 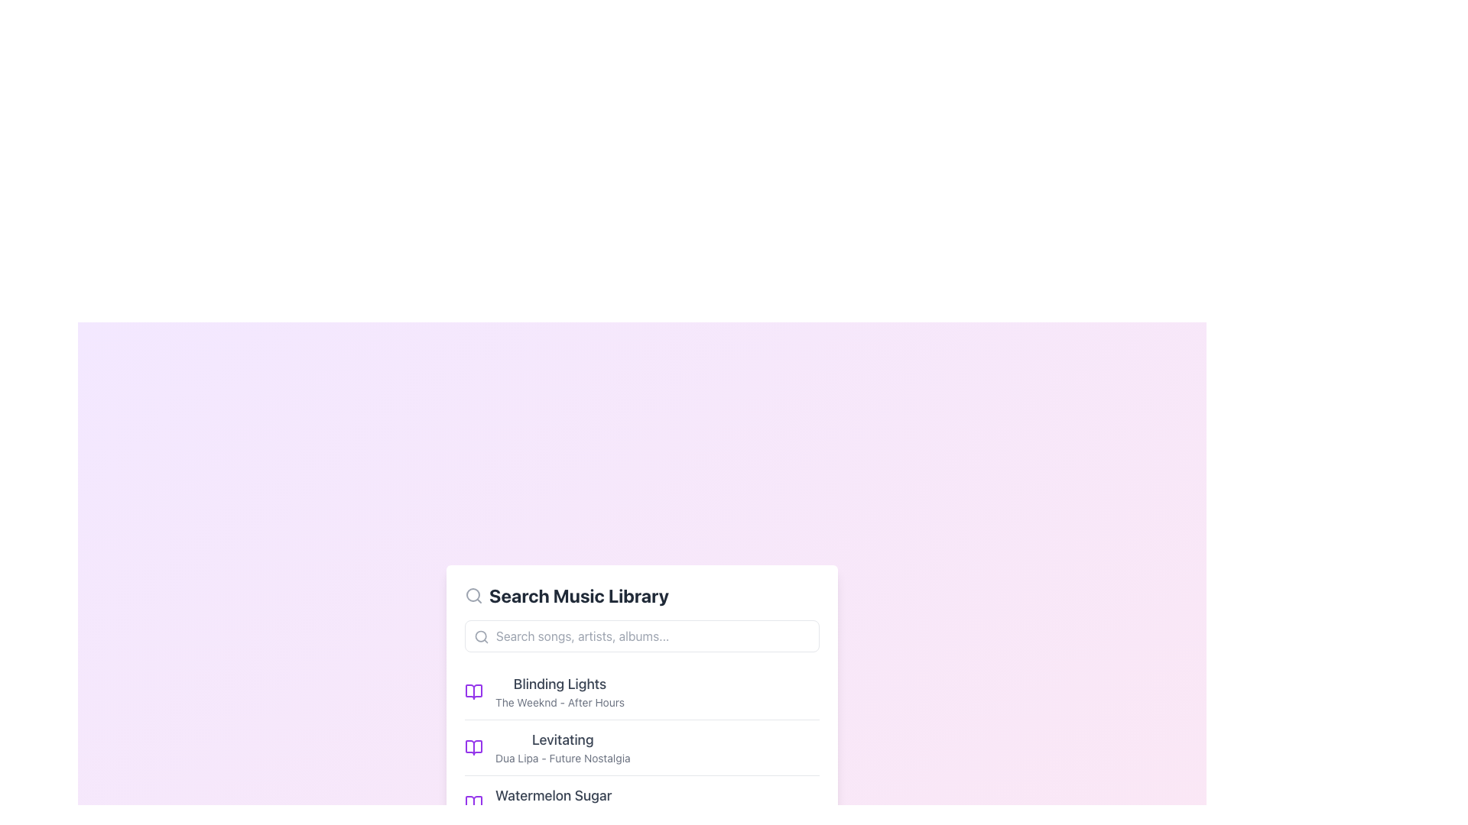 What do you see at coordinates (642, 636) in the screenshot?
I see `the search input box located below the 'Search Music Library' header to trigger a visual change` at bounding box center [642, 636].